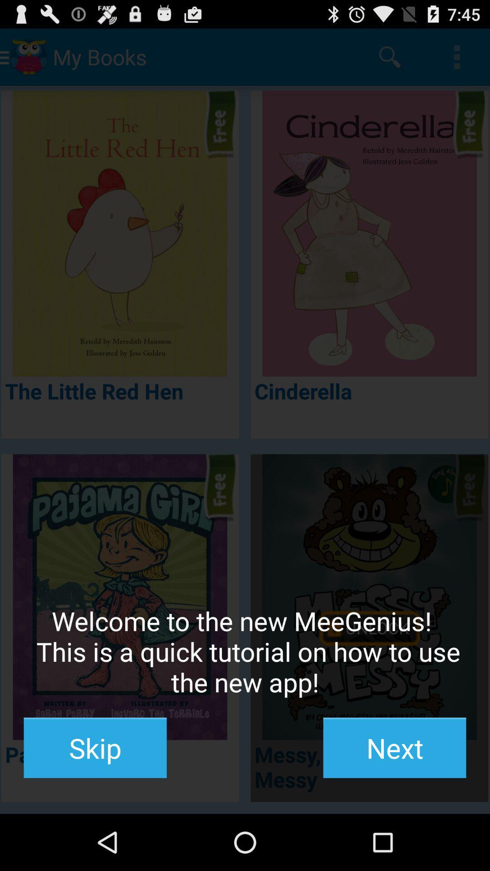  I want to click on the skip icon, so click(95, 748).